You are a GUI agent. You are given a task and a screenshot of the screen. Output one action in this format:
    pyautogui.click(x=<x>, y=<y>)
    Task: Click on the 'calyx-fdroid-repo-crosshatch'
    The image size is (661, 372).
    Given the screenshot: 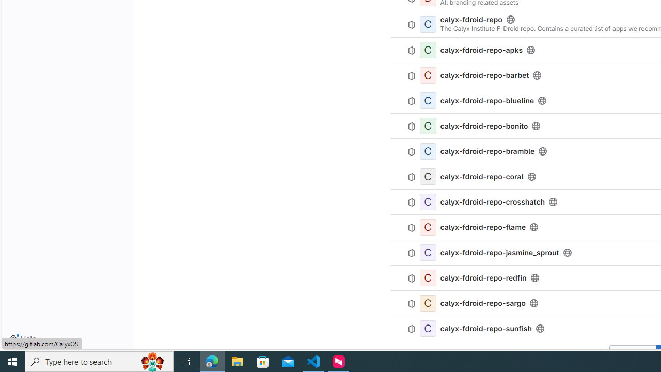 What is the action you would take?
    pyautogui.click(x=492, y=202)
    